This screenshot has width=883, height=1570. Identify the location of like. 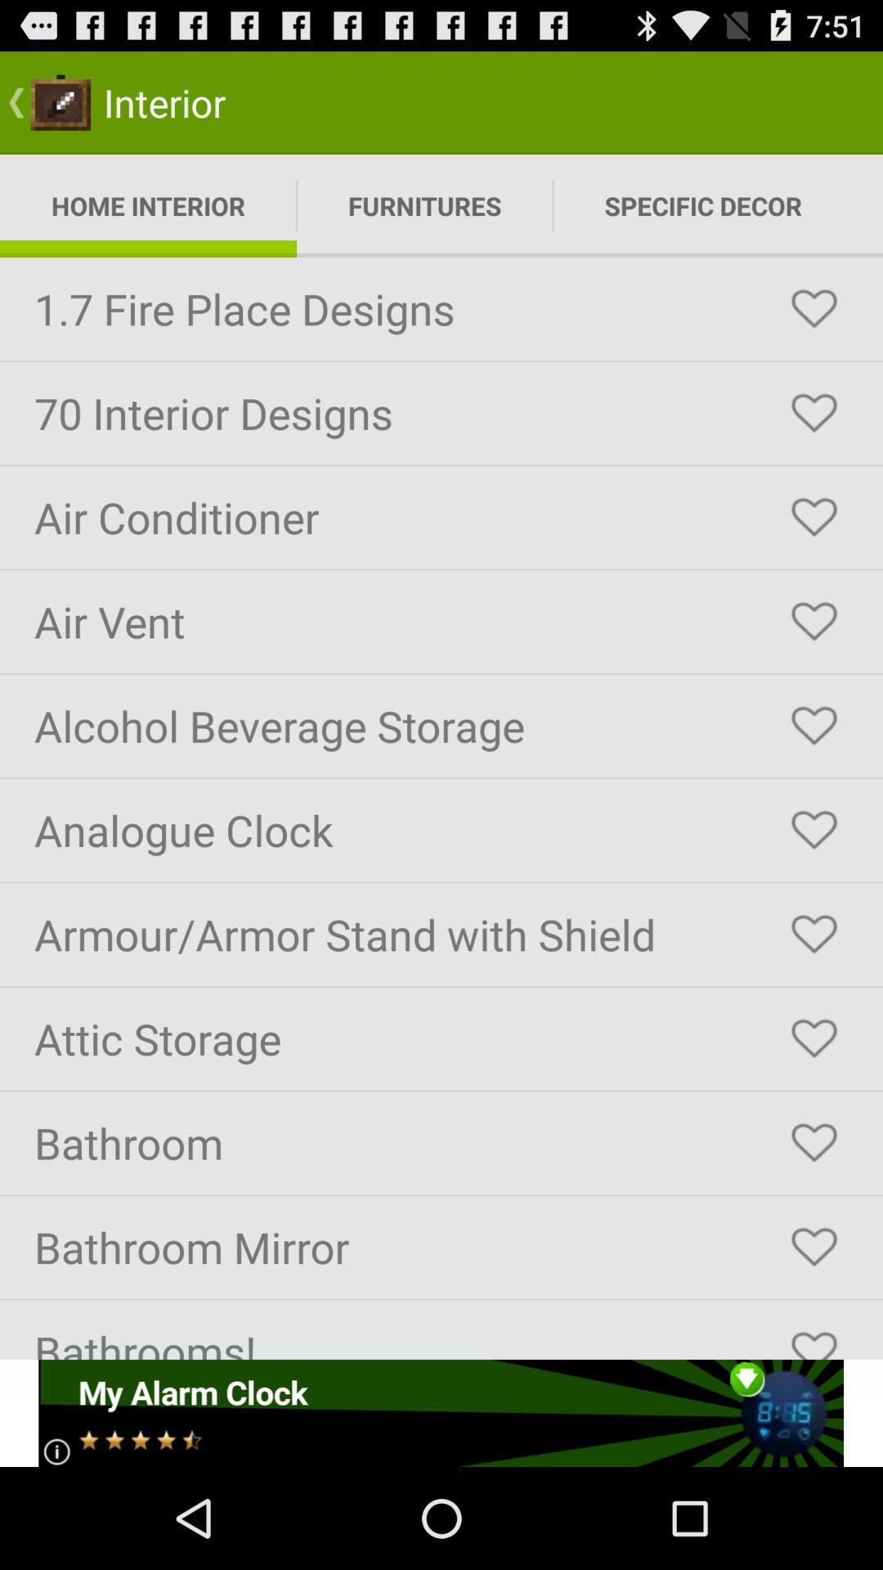
(814, 1338).